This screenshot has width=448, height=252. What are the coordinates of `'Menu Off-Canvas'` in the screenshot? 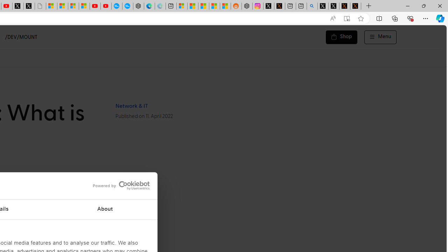 It's located at (380, 37).